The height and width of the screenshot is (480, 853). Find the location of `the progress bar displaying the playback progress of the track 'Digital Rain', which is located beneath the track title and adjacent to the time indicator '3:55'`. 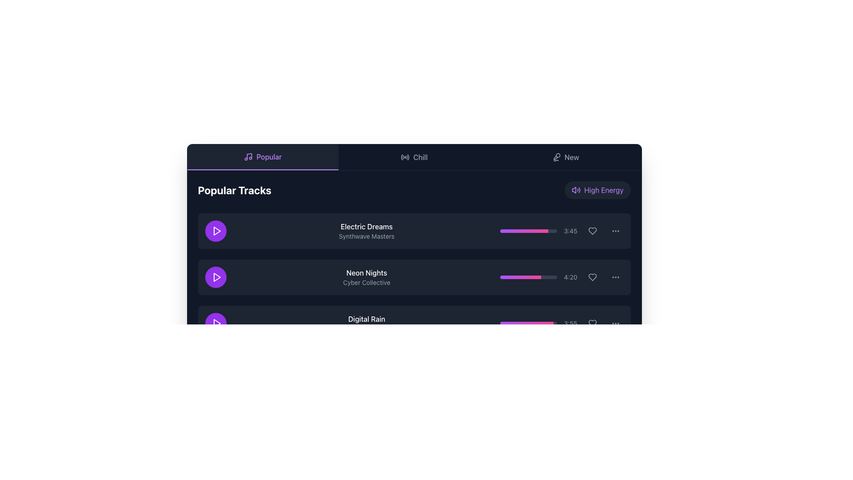

the progress bar displaying the playback progress of the track 'Digital Rain', which is located beneath the track title and adjacent to the time indicator '3:55' is located at coordinates (528, 324).